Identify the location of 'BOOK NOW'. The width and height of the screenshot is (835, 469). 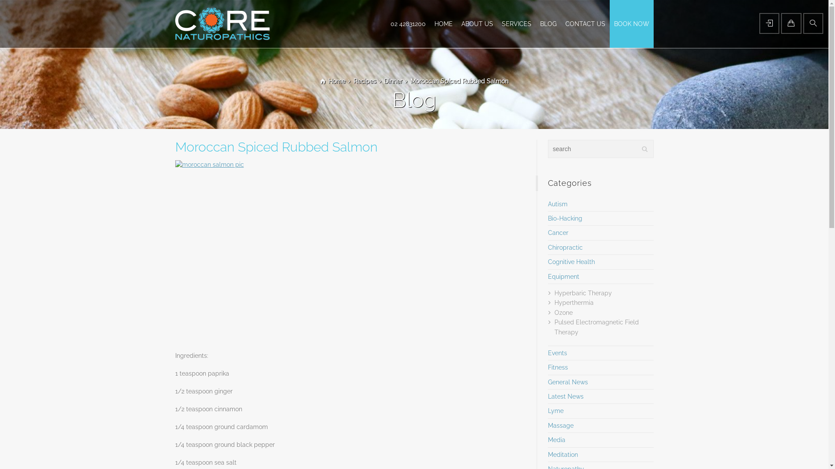
(631, 23).